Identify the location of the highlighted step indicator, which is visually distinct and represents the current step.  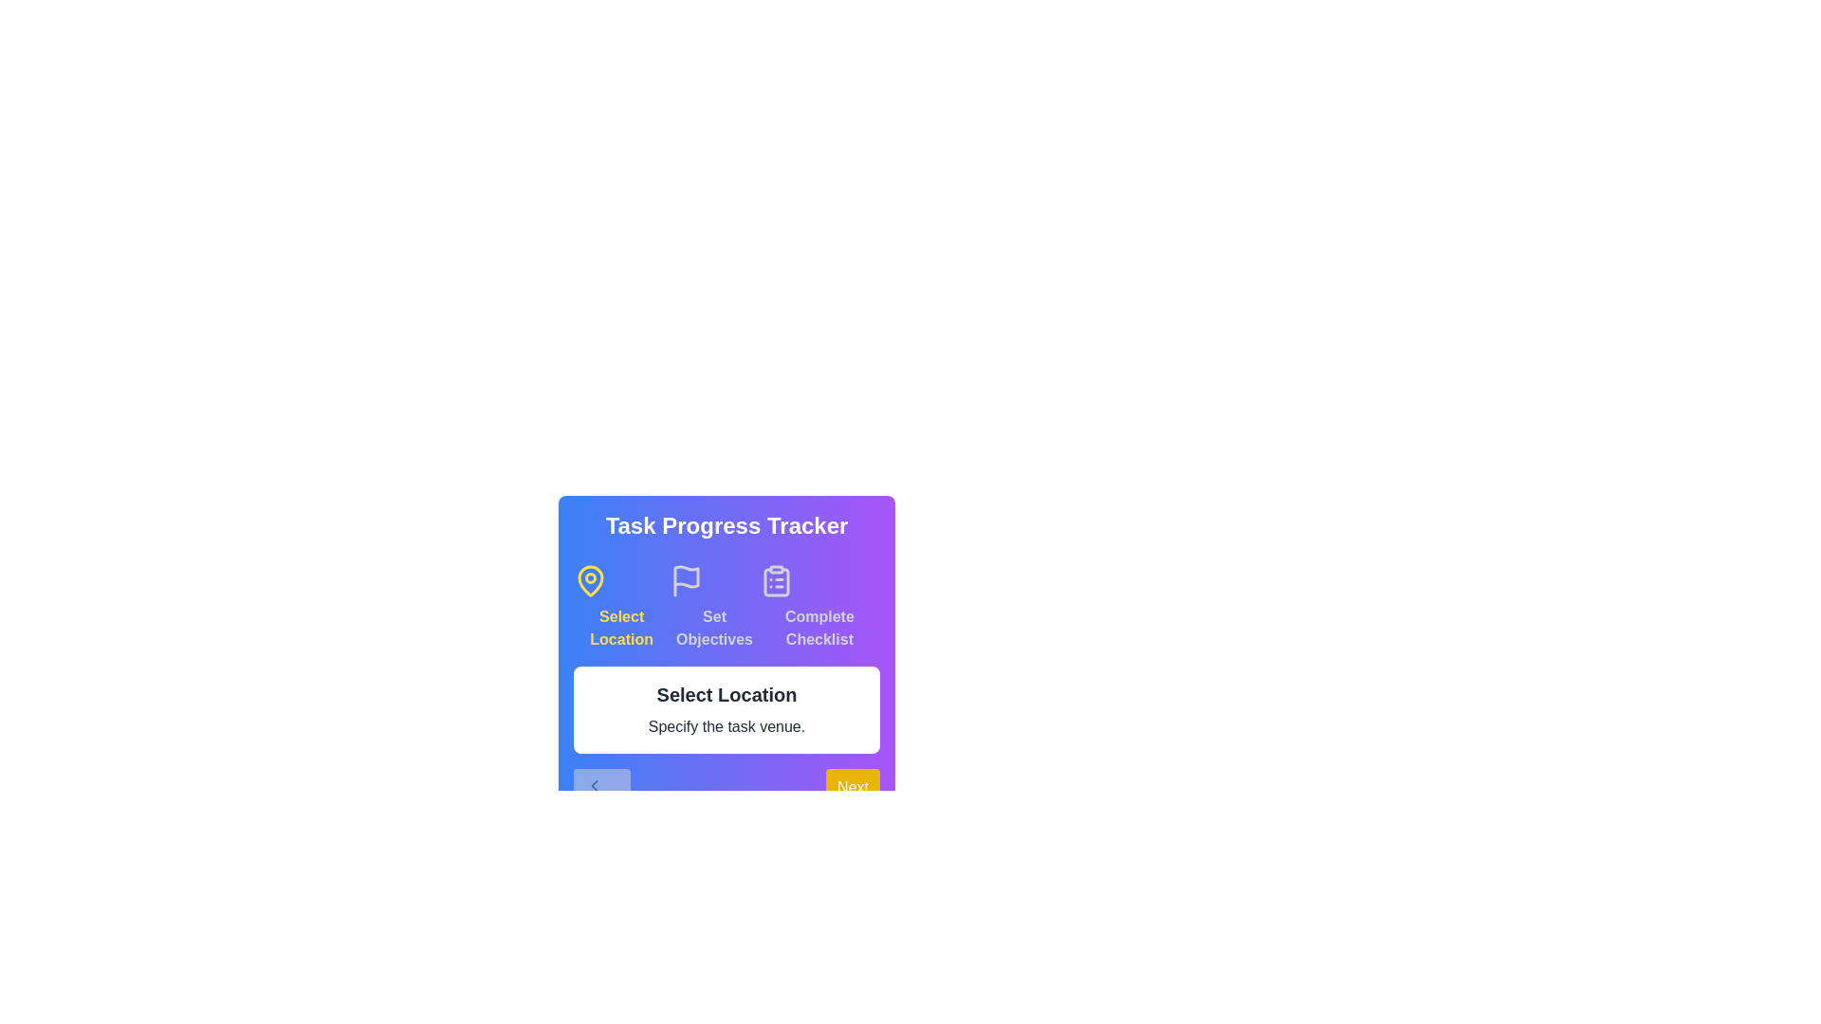
(621, 607).